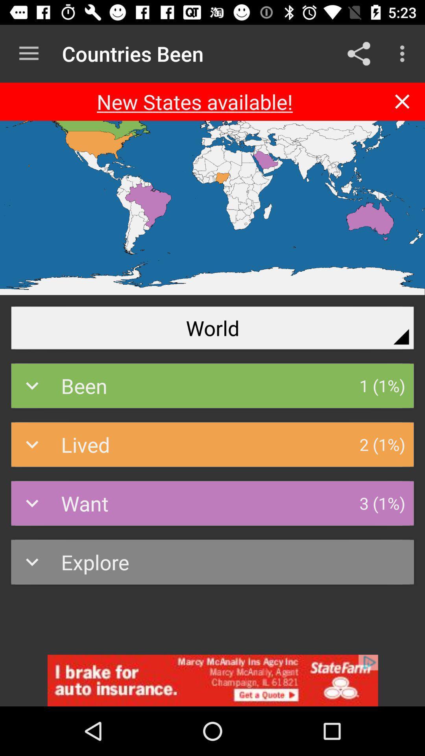 The height and width of the screenshot is (756, 425). What do you see at coordinates (28, 53) in the screenshot?
I see `open menu` at bounding box center [28, 53].